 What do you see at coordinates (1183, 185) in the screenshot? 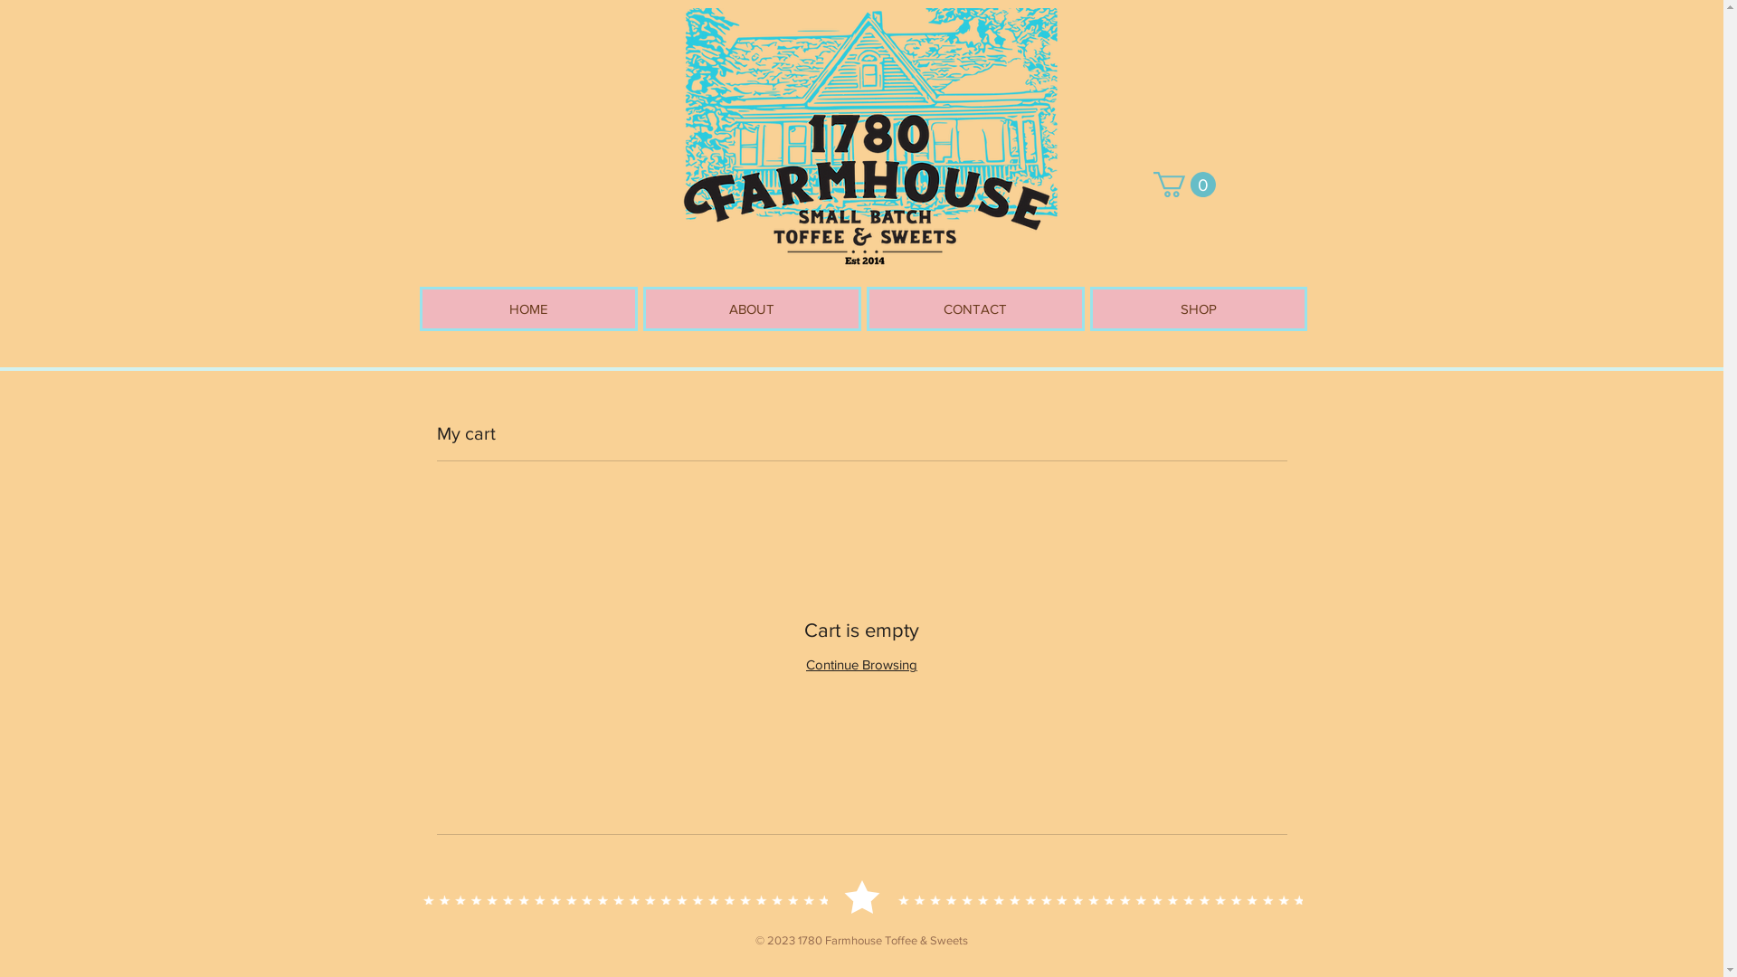
I see `'0'` at bounding box center [1183, 185].